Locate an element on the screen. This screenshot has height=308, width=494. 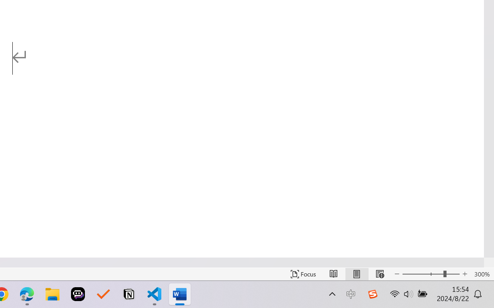
'Web Layout' is located at coordinates (380, 274).